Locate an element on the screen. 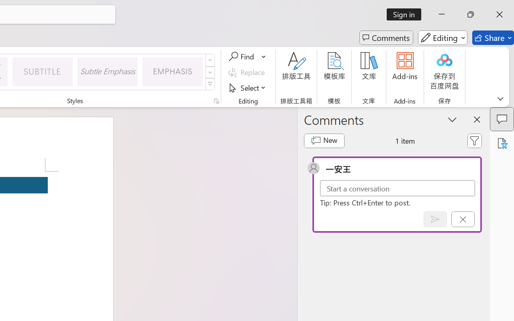  'Accessibility Assistant' is located at coordinates (501, 143).